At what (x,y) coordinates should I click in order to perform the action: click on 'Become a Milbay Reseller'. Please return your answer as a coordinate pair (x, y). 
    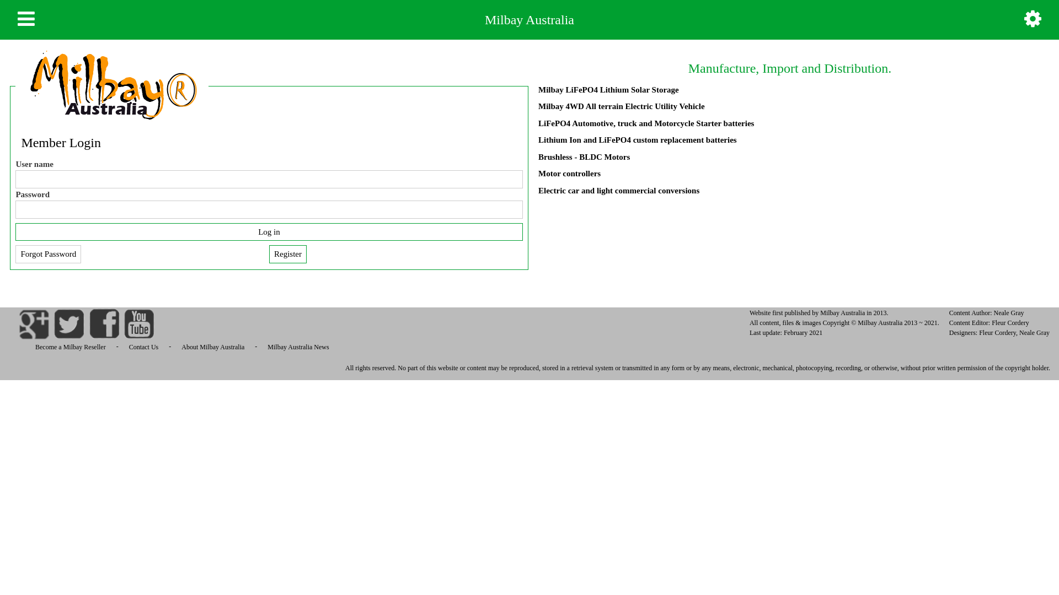
    Looking at the image, I should click on (26, 346).